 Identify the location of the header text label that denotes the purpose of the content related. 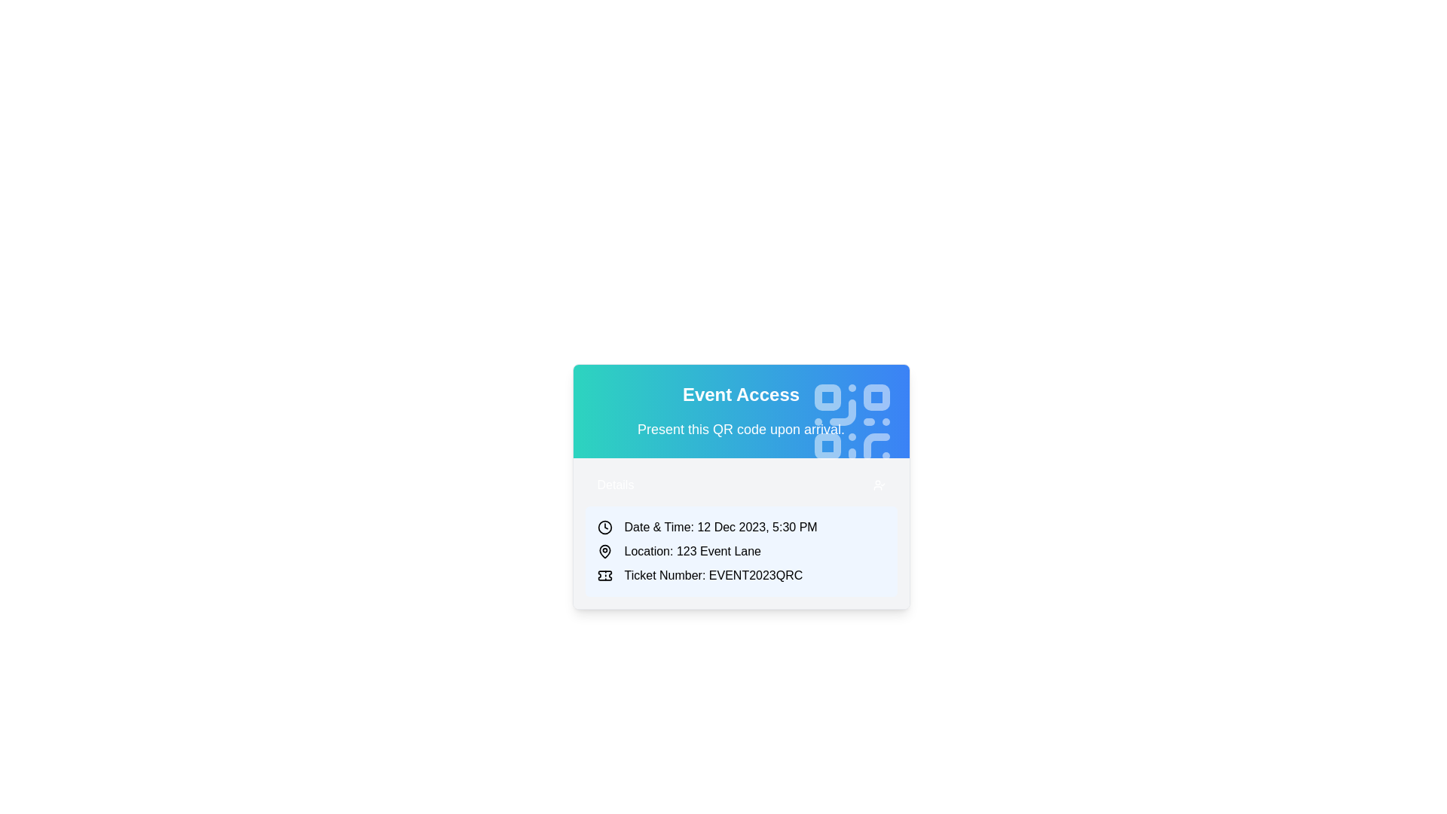
(741, 394).